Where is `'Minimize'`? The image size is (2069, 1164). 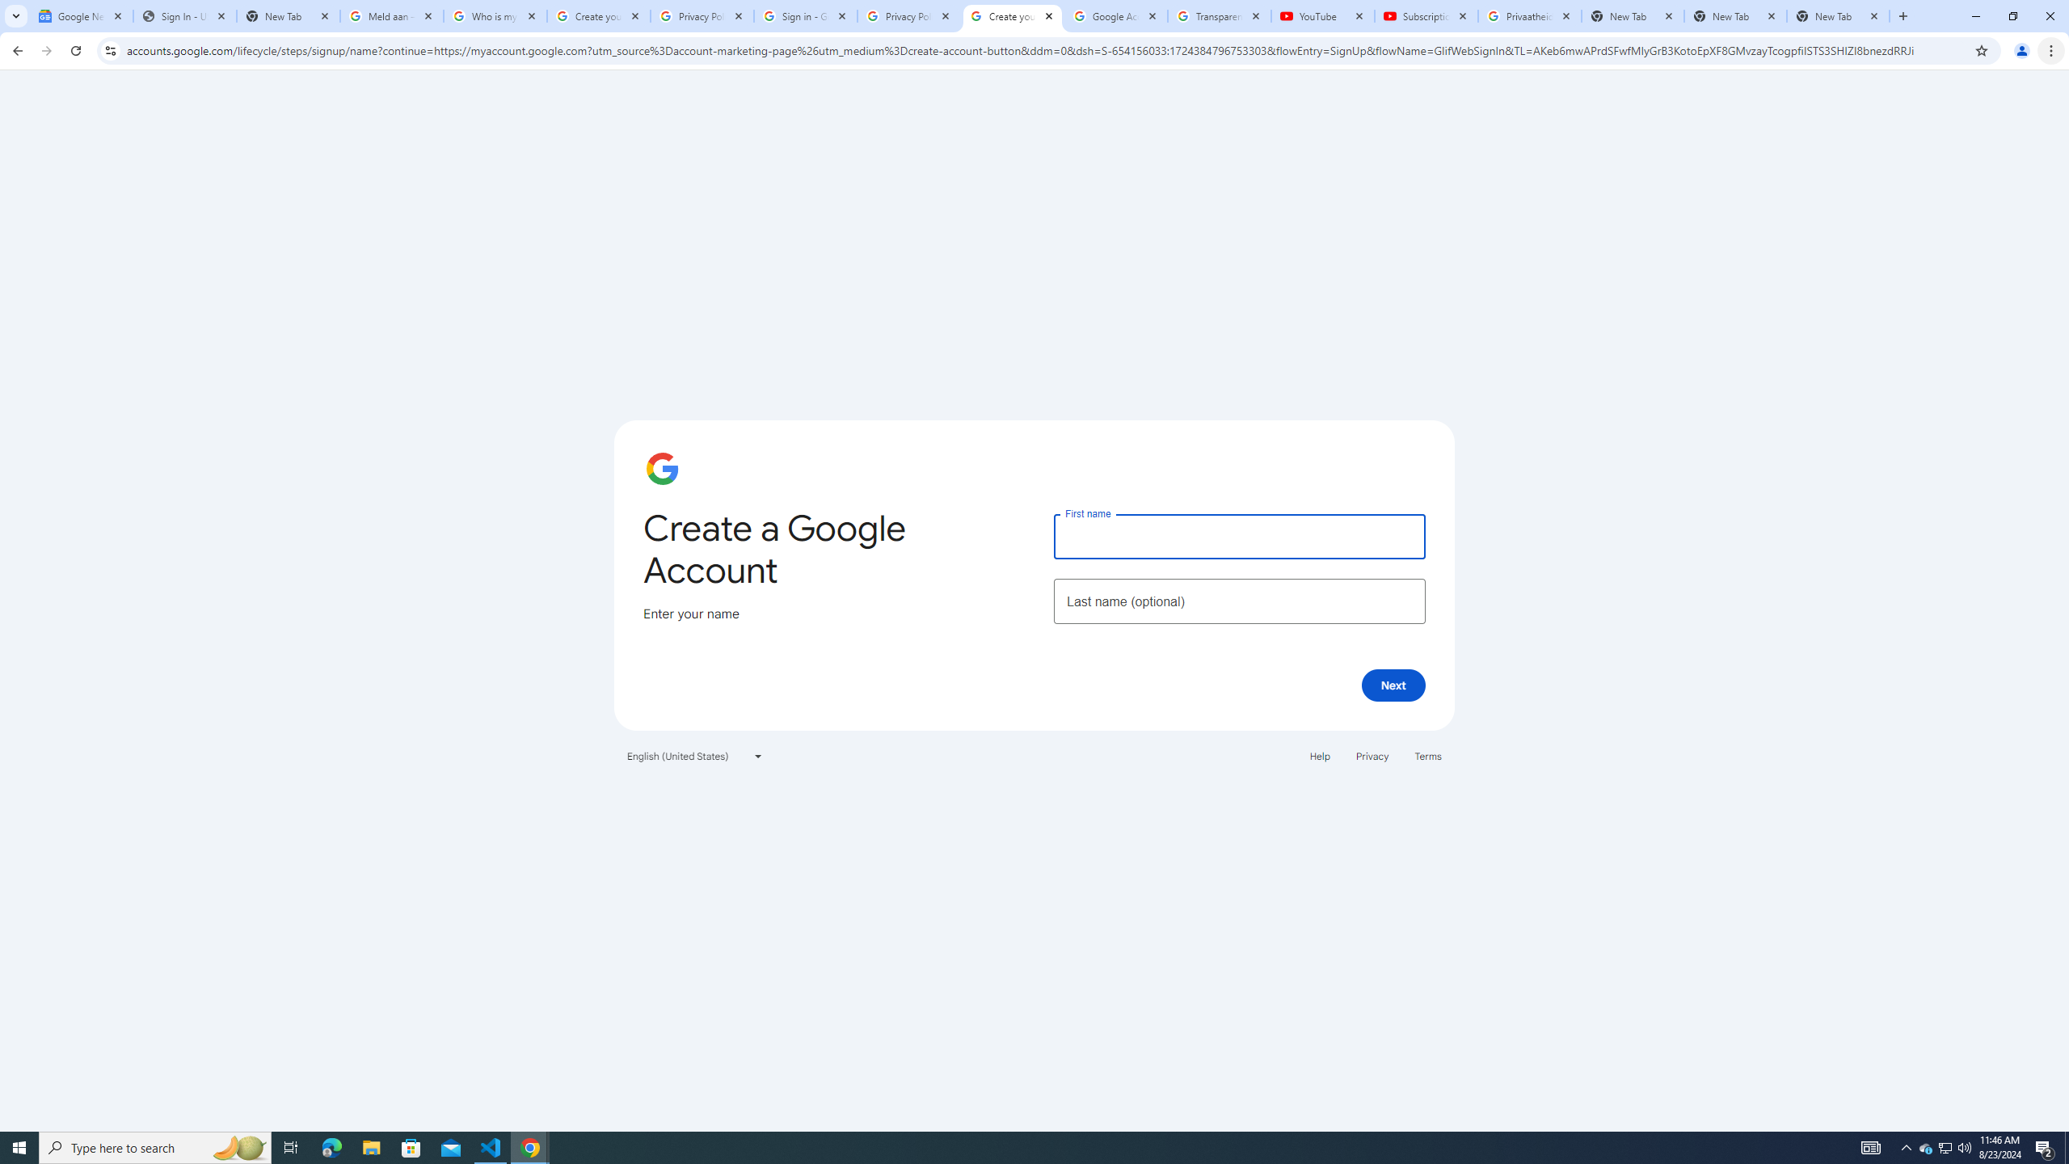 'Minimize' is located at coordinates (1974, 15).